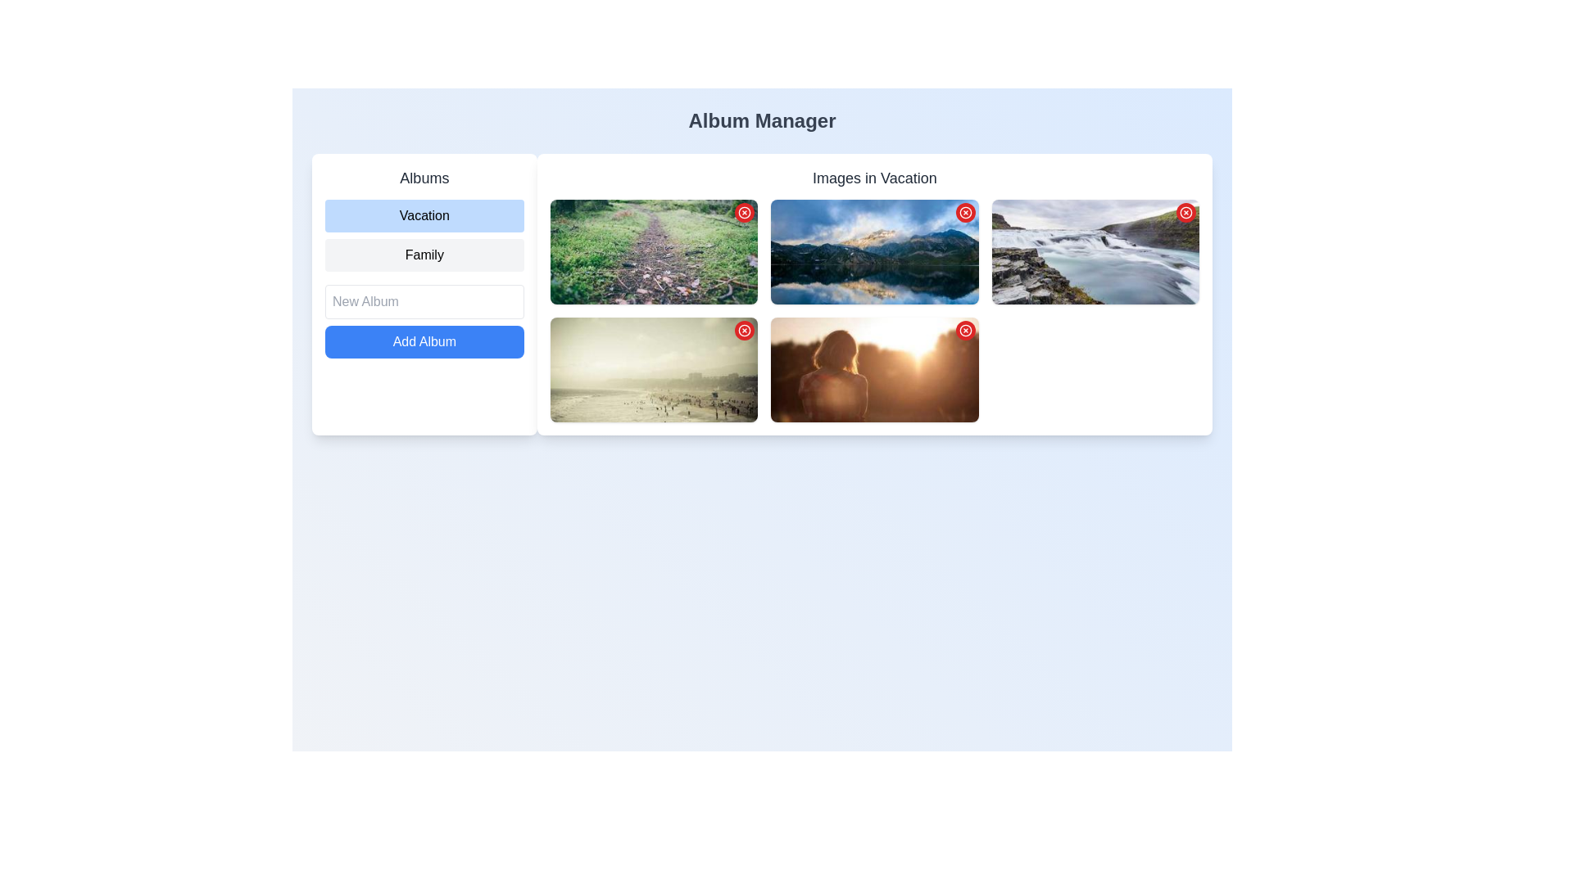 This screenshot has height=884, width=1573. What do you see at coordinates (873, 369) in the screenshot?
I see `the image displaying a scene of a person facing the sun with a warm, backlit glow, located` at bounding box center [873, 369].